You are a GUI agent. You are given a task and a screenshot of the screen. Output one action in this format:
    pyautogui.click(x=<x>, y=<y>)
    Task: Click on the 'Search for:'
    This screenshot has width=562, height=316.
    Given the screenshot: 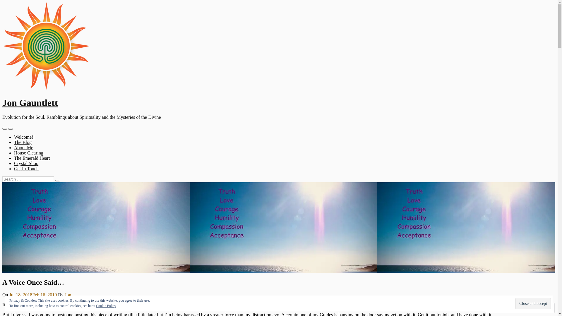 What is the action you would take?
    pyautogui.click(x=28, y=179)
    